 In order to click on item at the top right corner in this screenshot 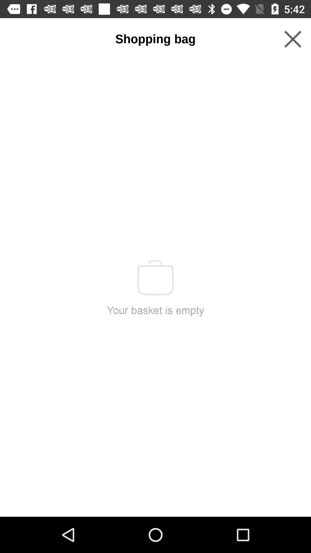, I will do `click(293, 39)`.